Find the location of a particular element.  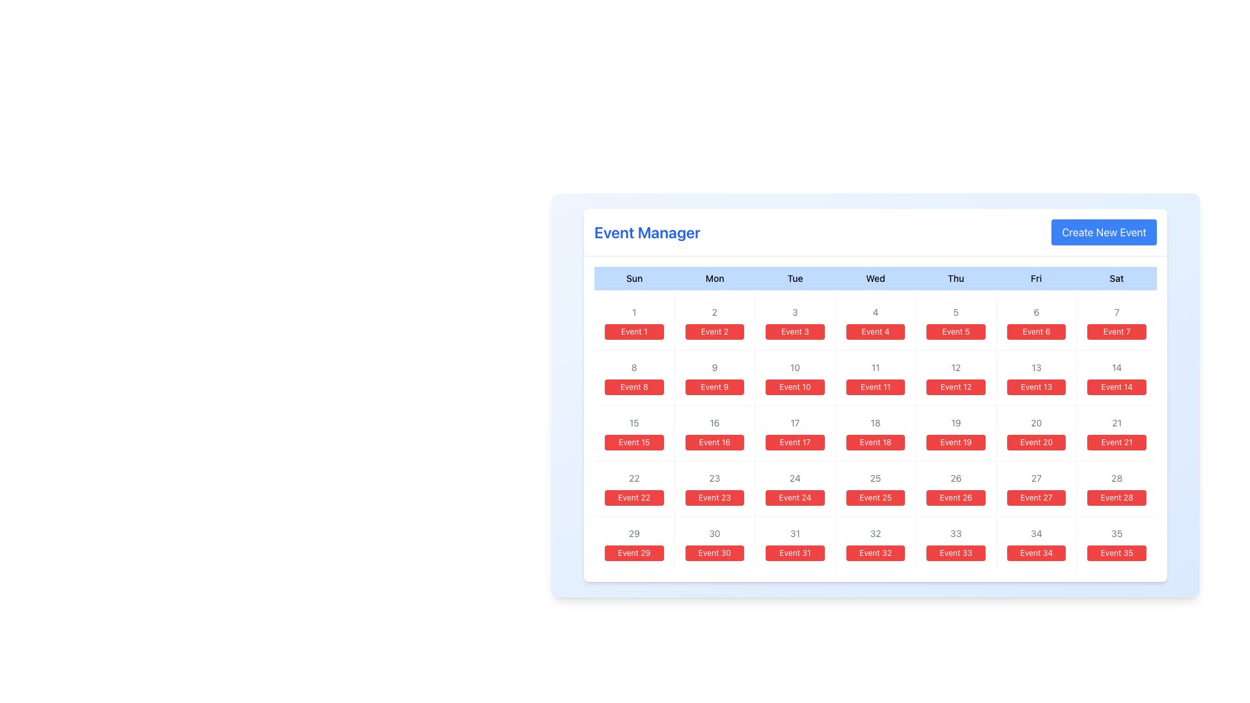

the button representing the event in the calendar for Saturday, located in the first row under the header '7' is located at coordinates (1116, 331).